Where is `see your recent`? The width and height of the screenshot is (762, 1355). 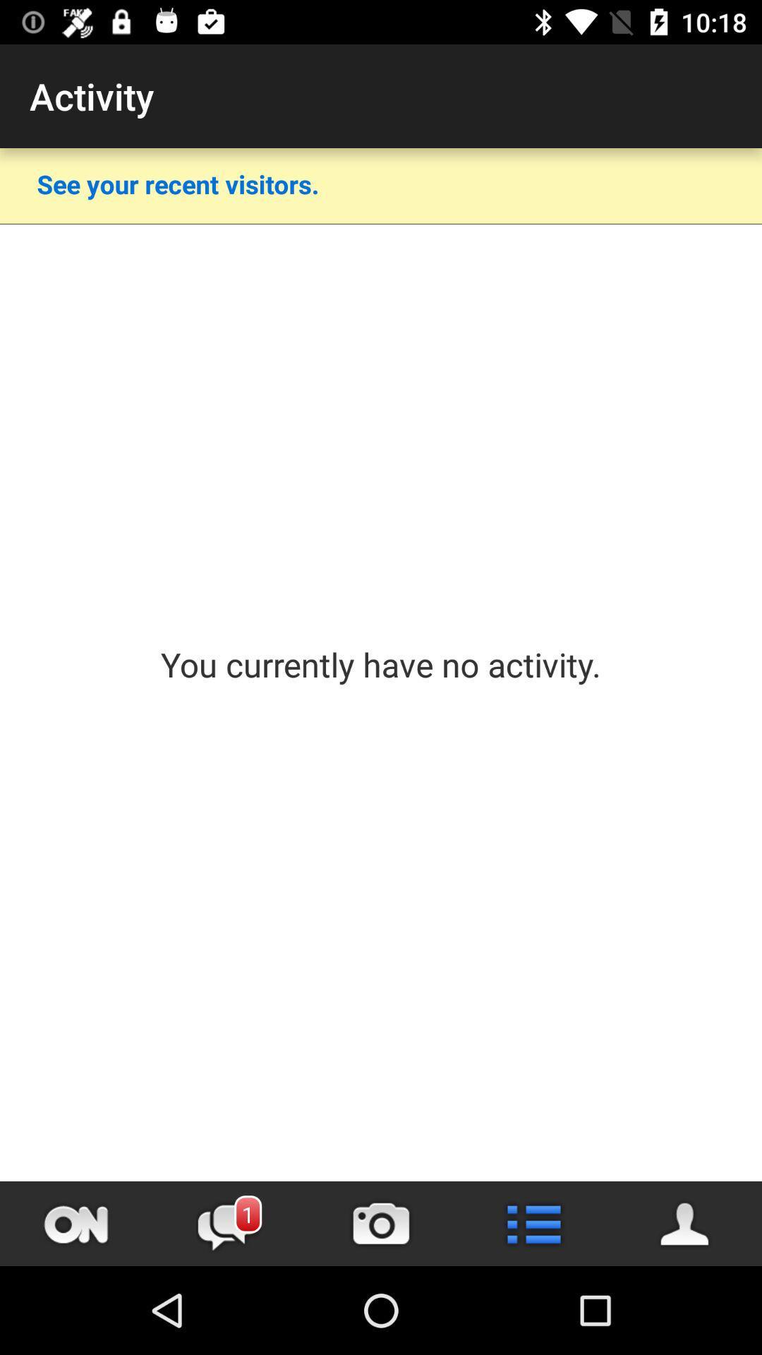 see your recent is located at coordinates (177, 183).